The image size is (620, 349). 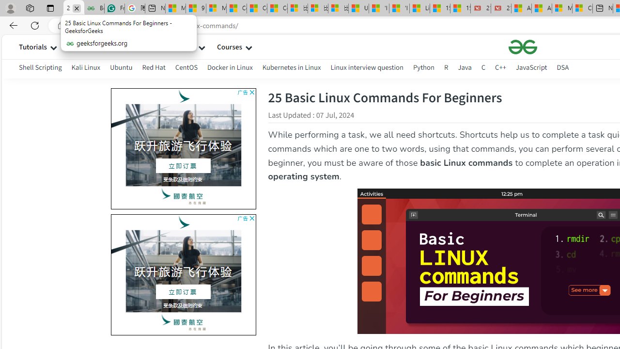 What do you see at coordinates (423, 68) in the screenshot?
I see `'Python'` at bounding box center [423, 68].